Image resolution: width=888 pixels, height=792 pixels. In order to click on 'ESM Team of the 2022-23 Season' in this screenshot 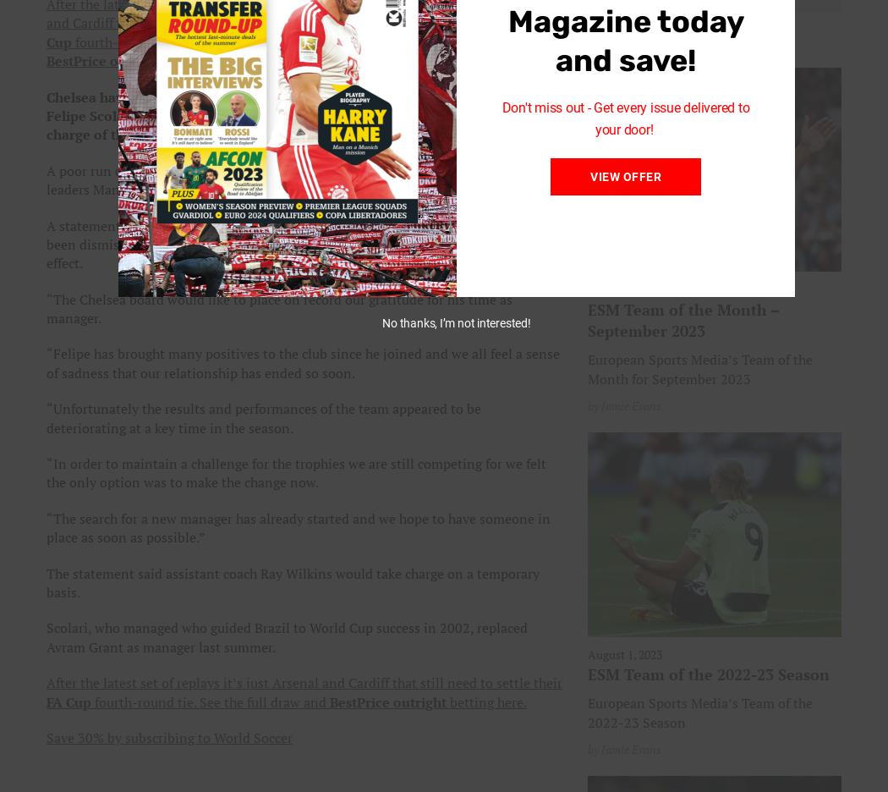, I will do `click(587, 674)`.